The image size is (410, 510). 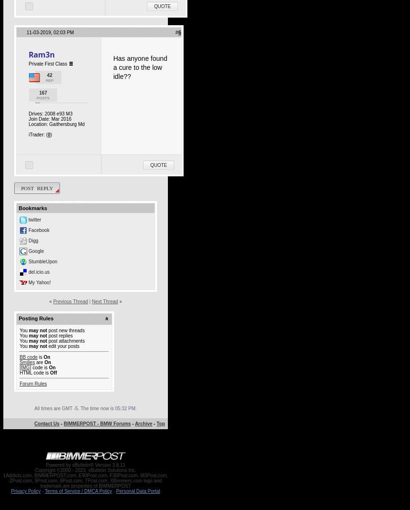 What do you see at coordinates (78, 491) in the screenshot?
I see `'Terms of Service / DMCA Policy'` at bounding box center [78, 491].